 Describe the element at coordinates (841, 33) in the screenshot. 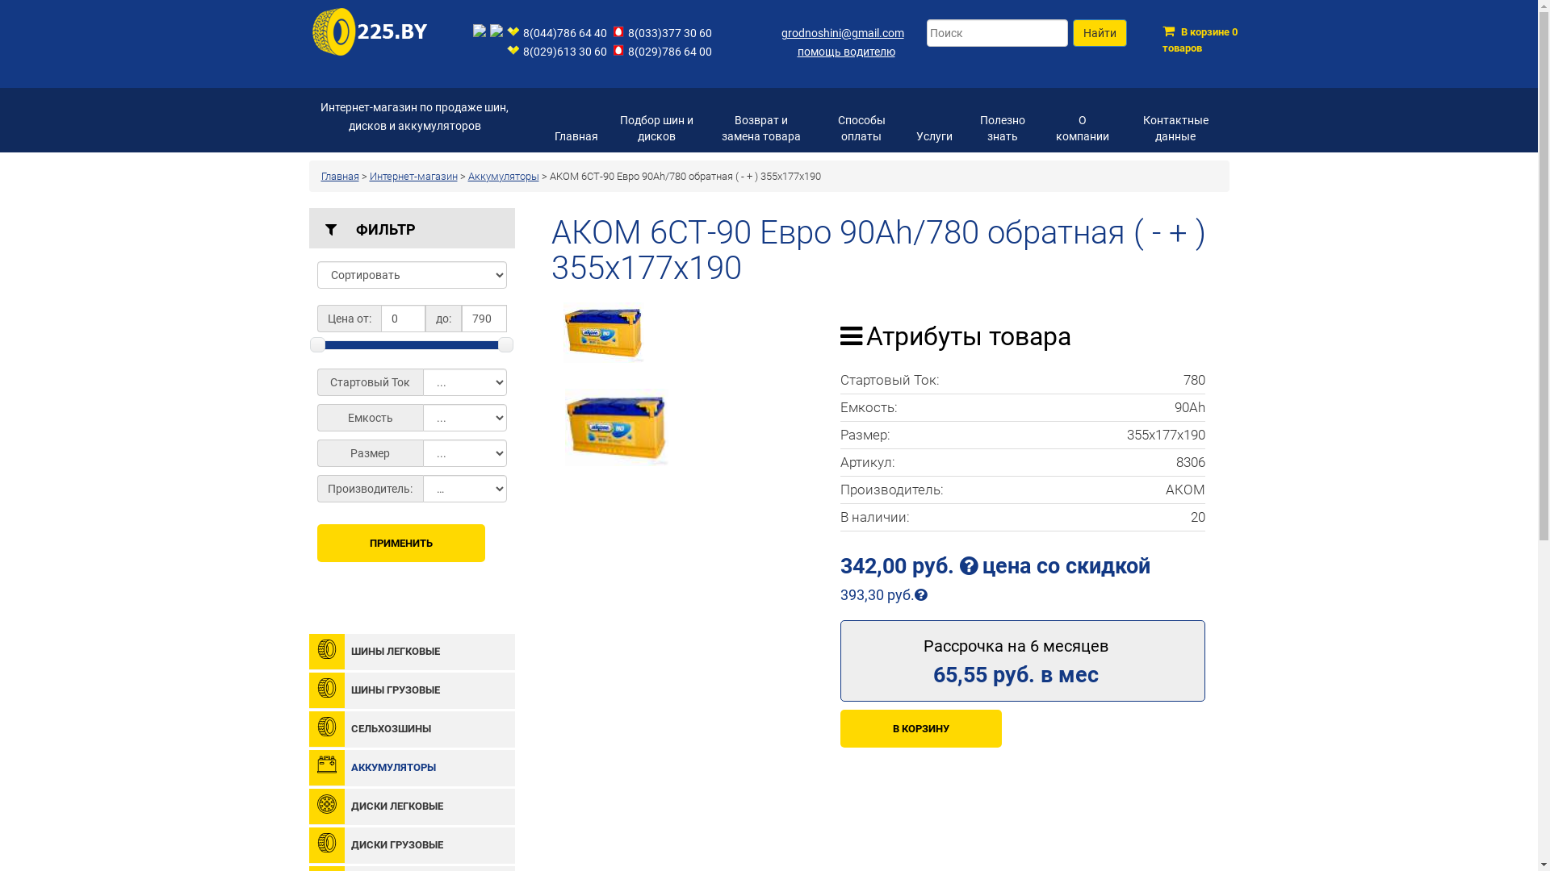

I see `'grodnoshini@gmail.com'` at that location.